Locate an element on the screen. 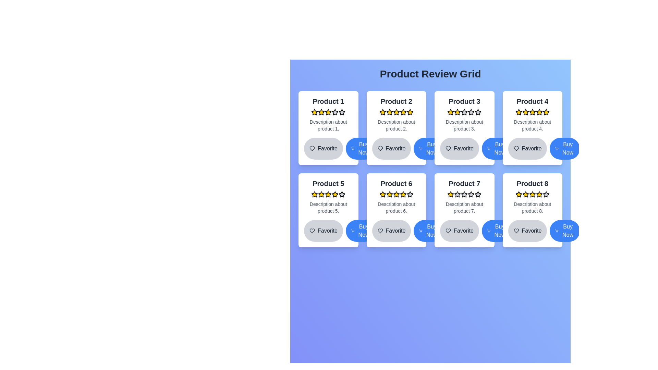 This screenshot has height=370, width=658. the heart icon within the button component on the second product card in the first row of the grid layout to mark the product as a favorite is located at coordinates (380, 148).